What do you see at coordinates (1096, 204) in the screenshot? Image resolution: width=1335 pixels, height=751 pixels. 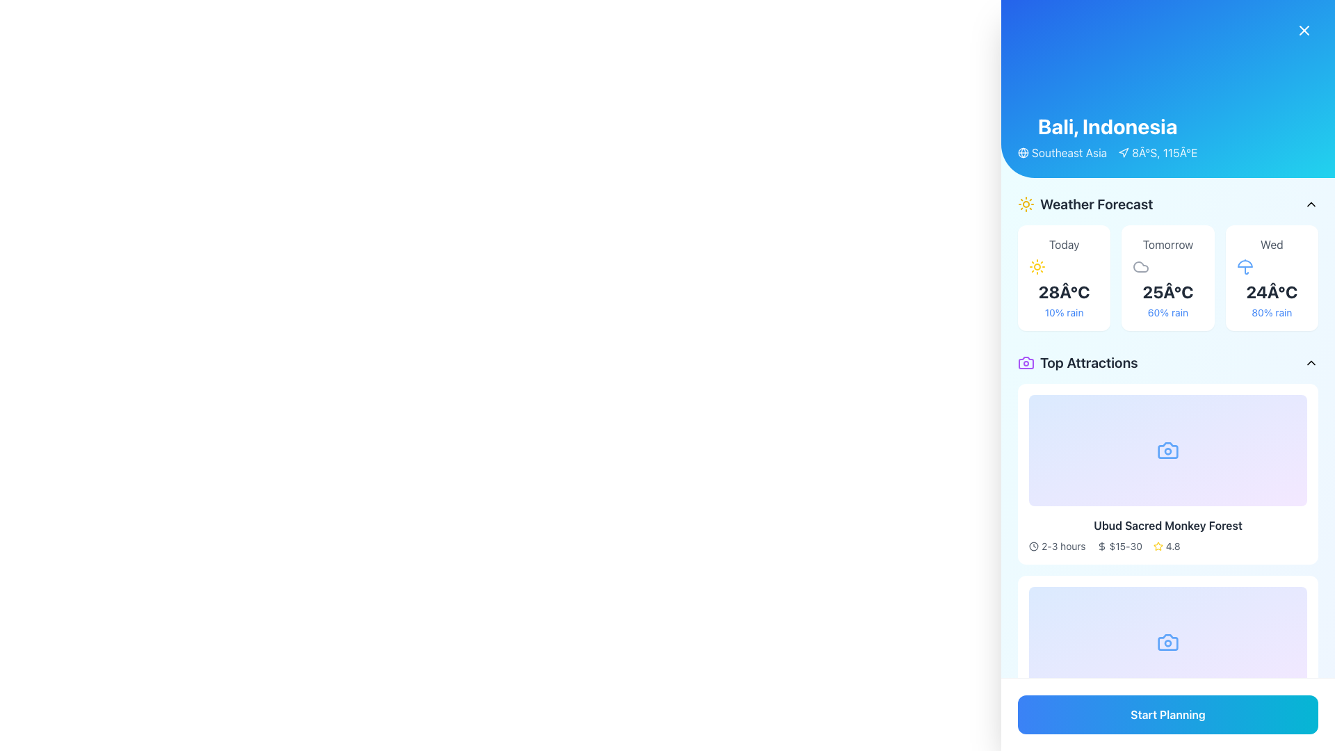 I see `heading element that introduces the weather forecast information, located below the 'Bali, Indonesia' title and to the right of the sun icon` at bounding box center [1096, 204].